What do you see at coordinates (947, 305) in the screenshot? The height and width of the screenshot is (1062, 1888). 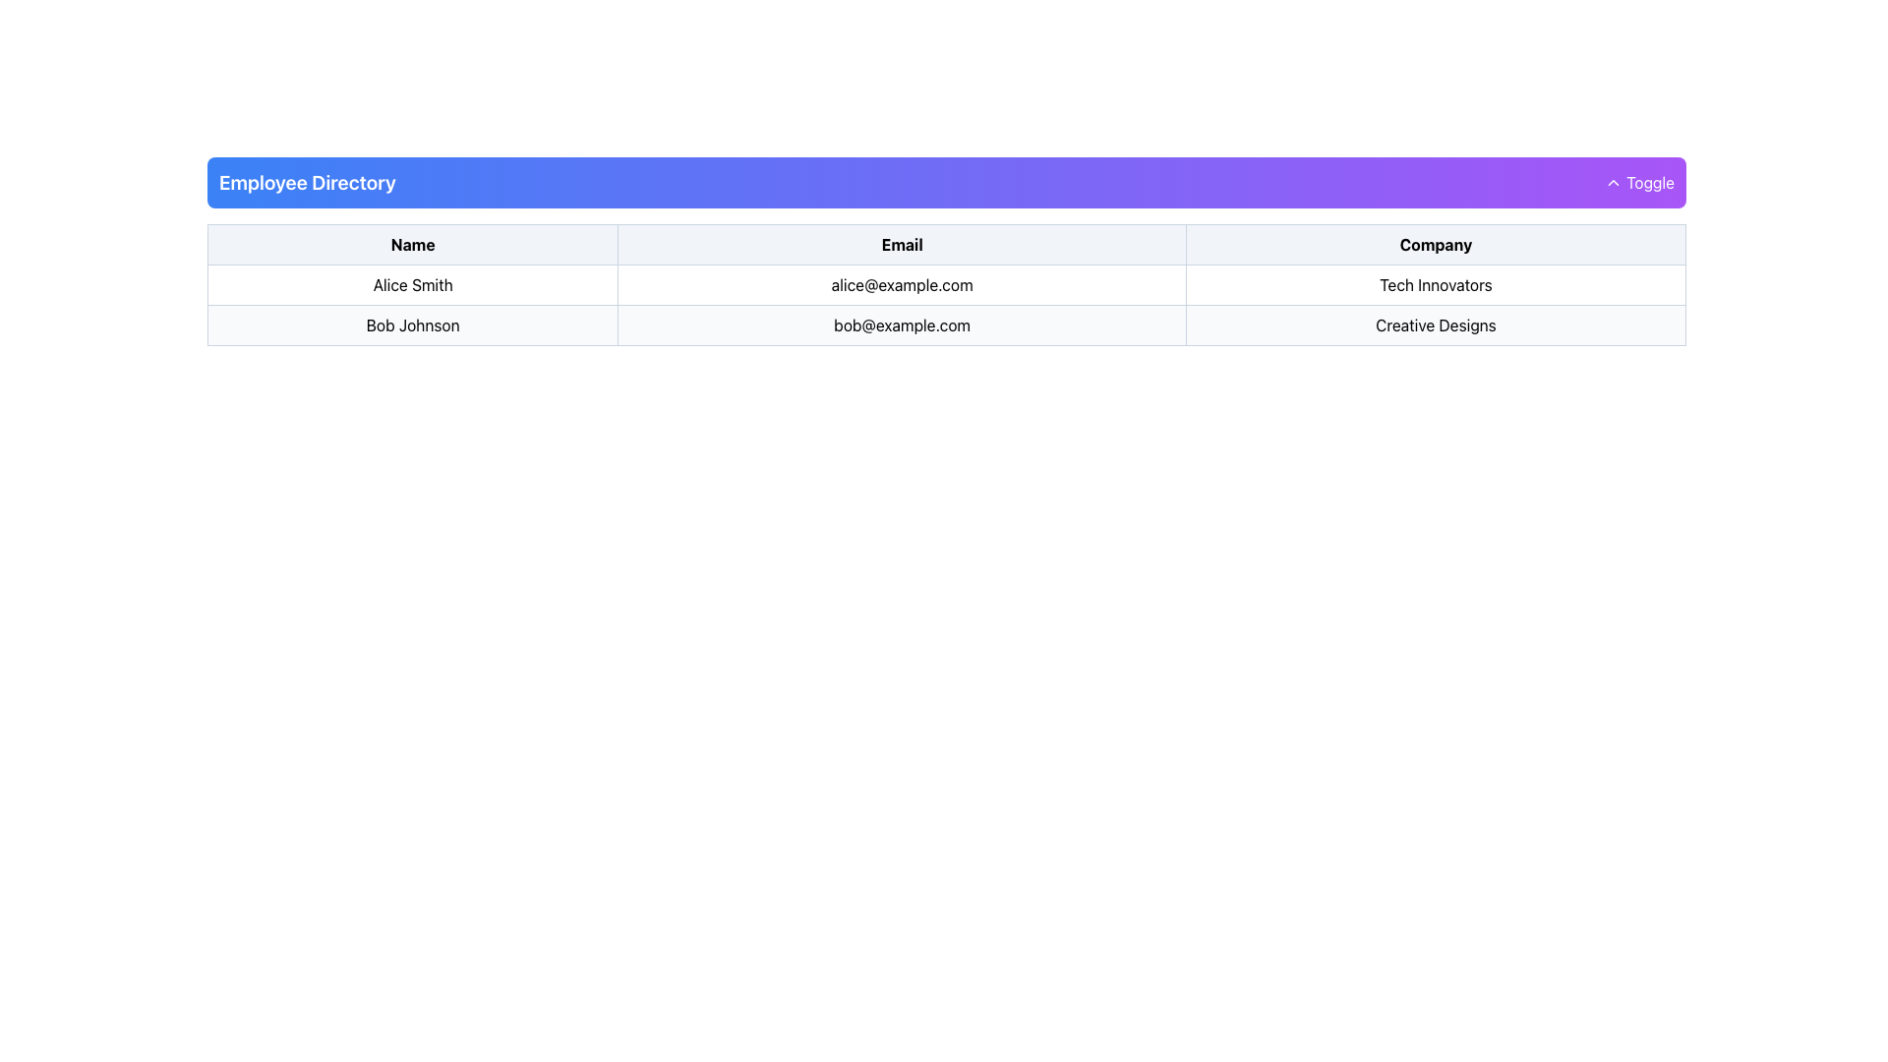 I see `the table row containing entries for Bob Johnson, which includes the email 'bob@example.com' and the company name 'Creative Designs'. This row is the second data row in the table` at bounding box center [947, 305].